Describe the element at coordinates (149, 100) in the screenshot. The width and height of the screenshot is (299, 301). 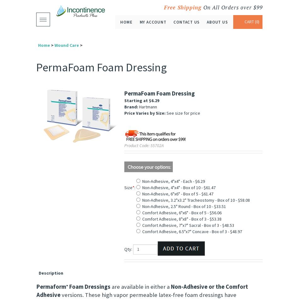
I see `'$'` at that location.